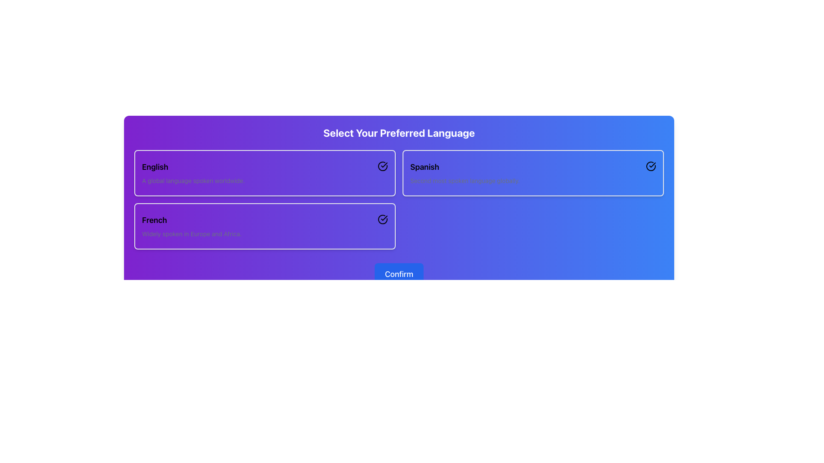  I want to click on the 'French' text label, which is styled in bold and larger font on a purple gradient background, so click(191, 219).